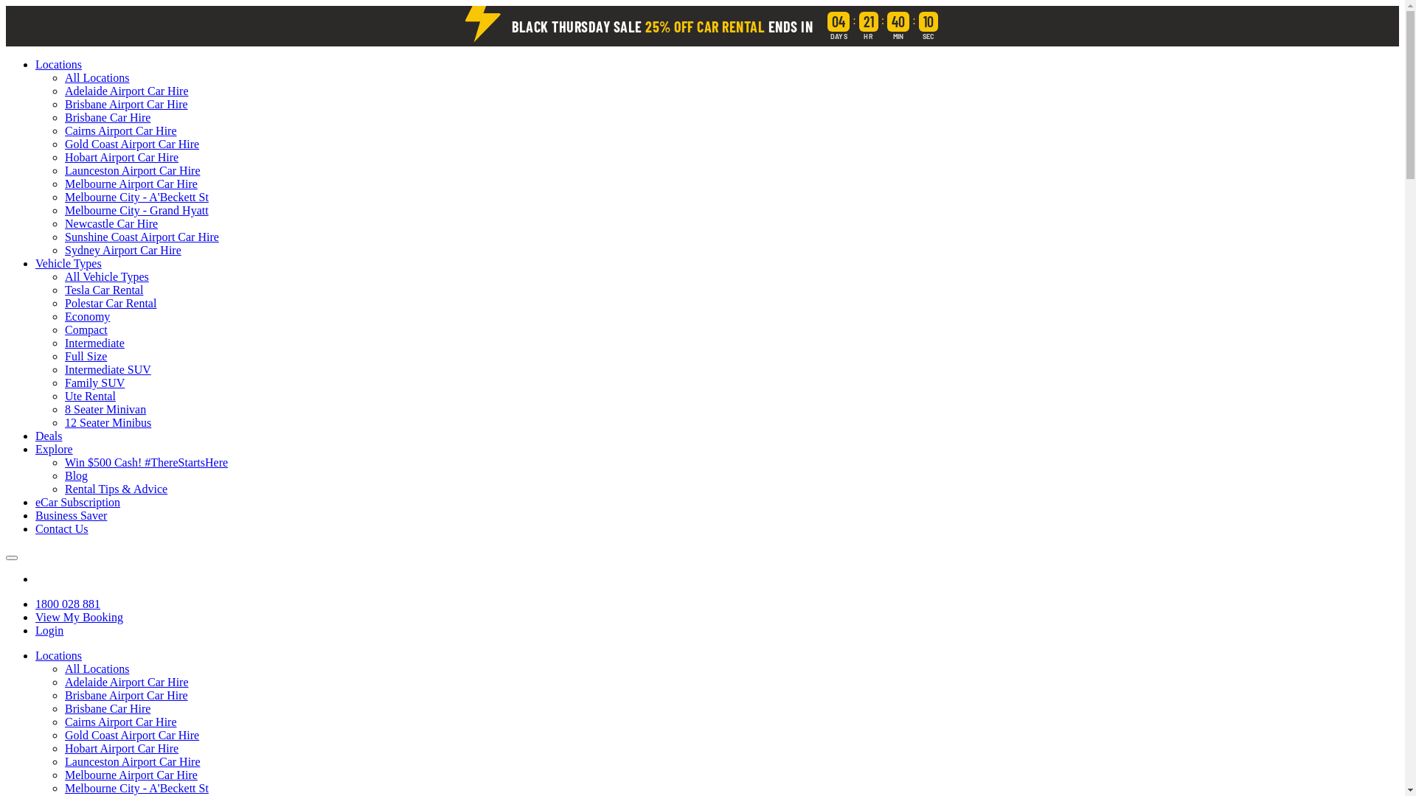 The height and width of the screenshot is (796, 1416). What do you see at coordinates (78, 617) in the screenshot?
I see `'View My Booking'` at bounding box center [78, 617].